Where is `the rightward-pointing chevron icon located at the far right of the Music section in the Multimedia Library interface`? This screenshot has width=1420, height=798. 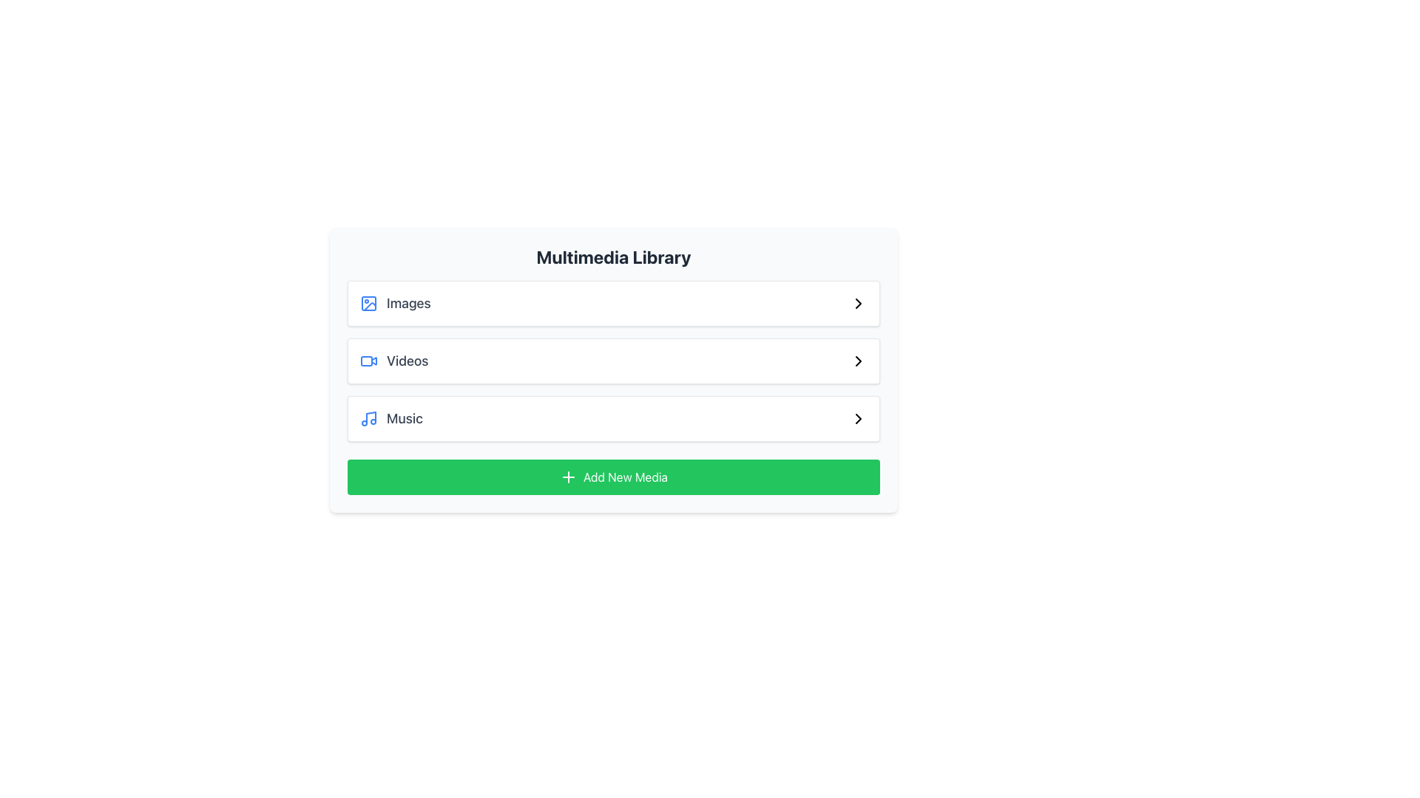
the rightward-pointing chevron icon located at the far right of the Music section in the Multimedia Library interface is located at coordinates (859, 419).